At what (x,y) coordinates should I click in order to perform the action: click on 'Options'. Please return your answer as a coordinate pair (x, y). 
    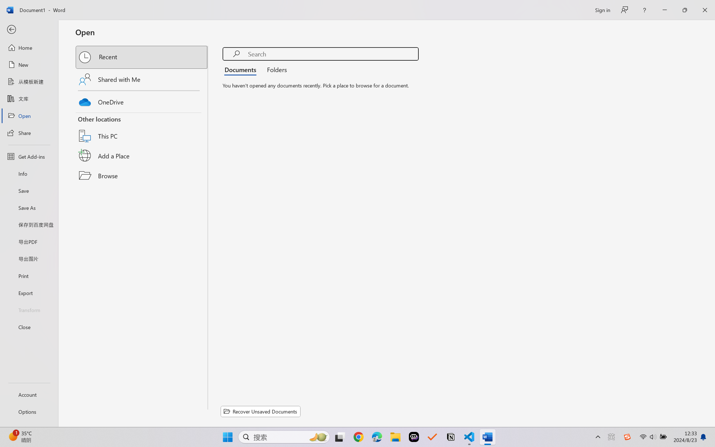
    Looking at the image, I should click on (29, 411).